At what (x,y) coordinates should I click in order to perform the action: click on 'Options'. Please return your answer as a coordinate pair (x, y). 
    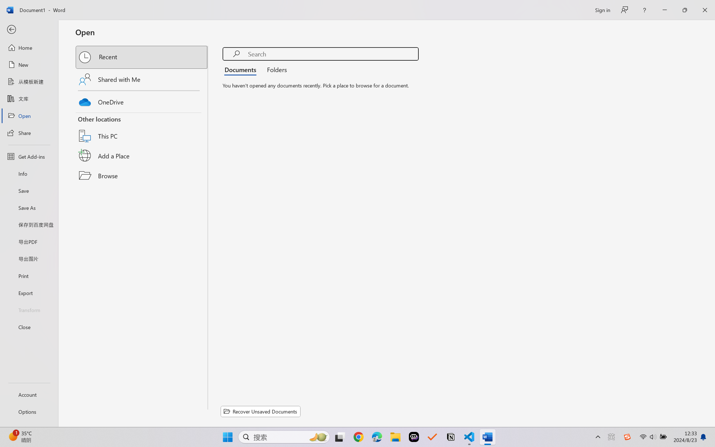
    Looking at the image, I should click on (29, 411).